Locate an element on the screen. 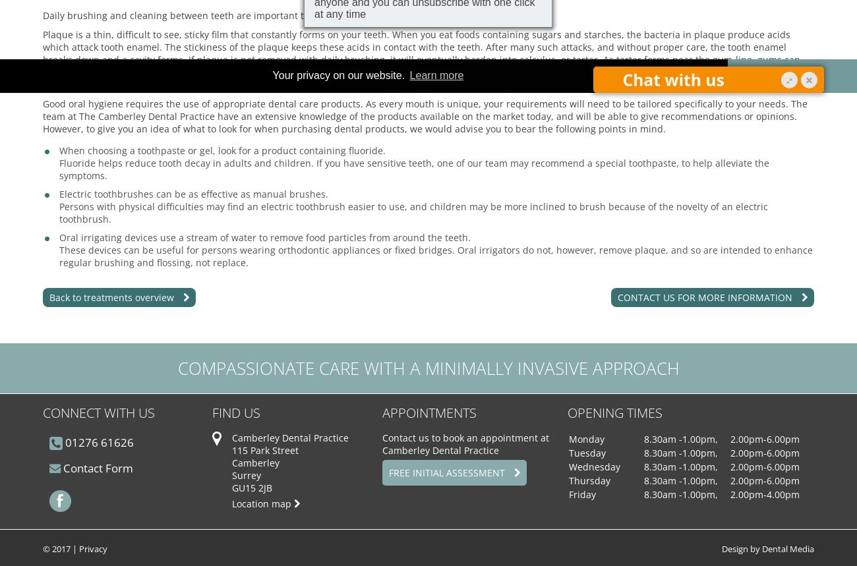 This screenshot has height=566, width=857. '2.00pm-4.00pm' is located at coordinates (764, 494).